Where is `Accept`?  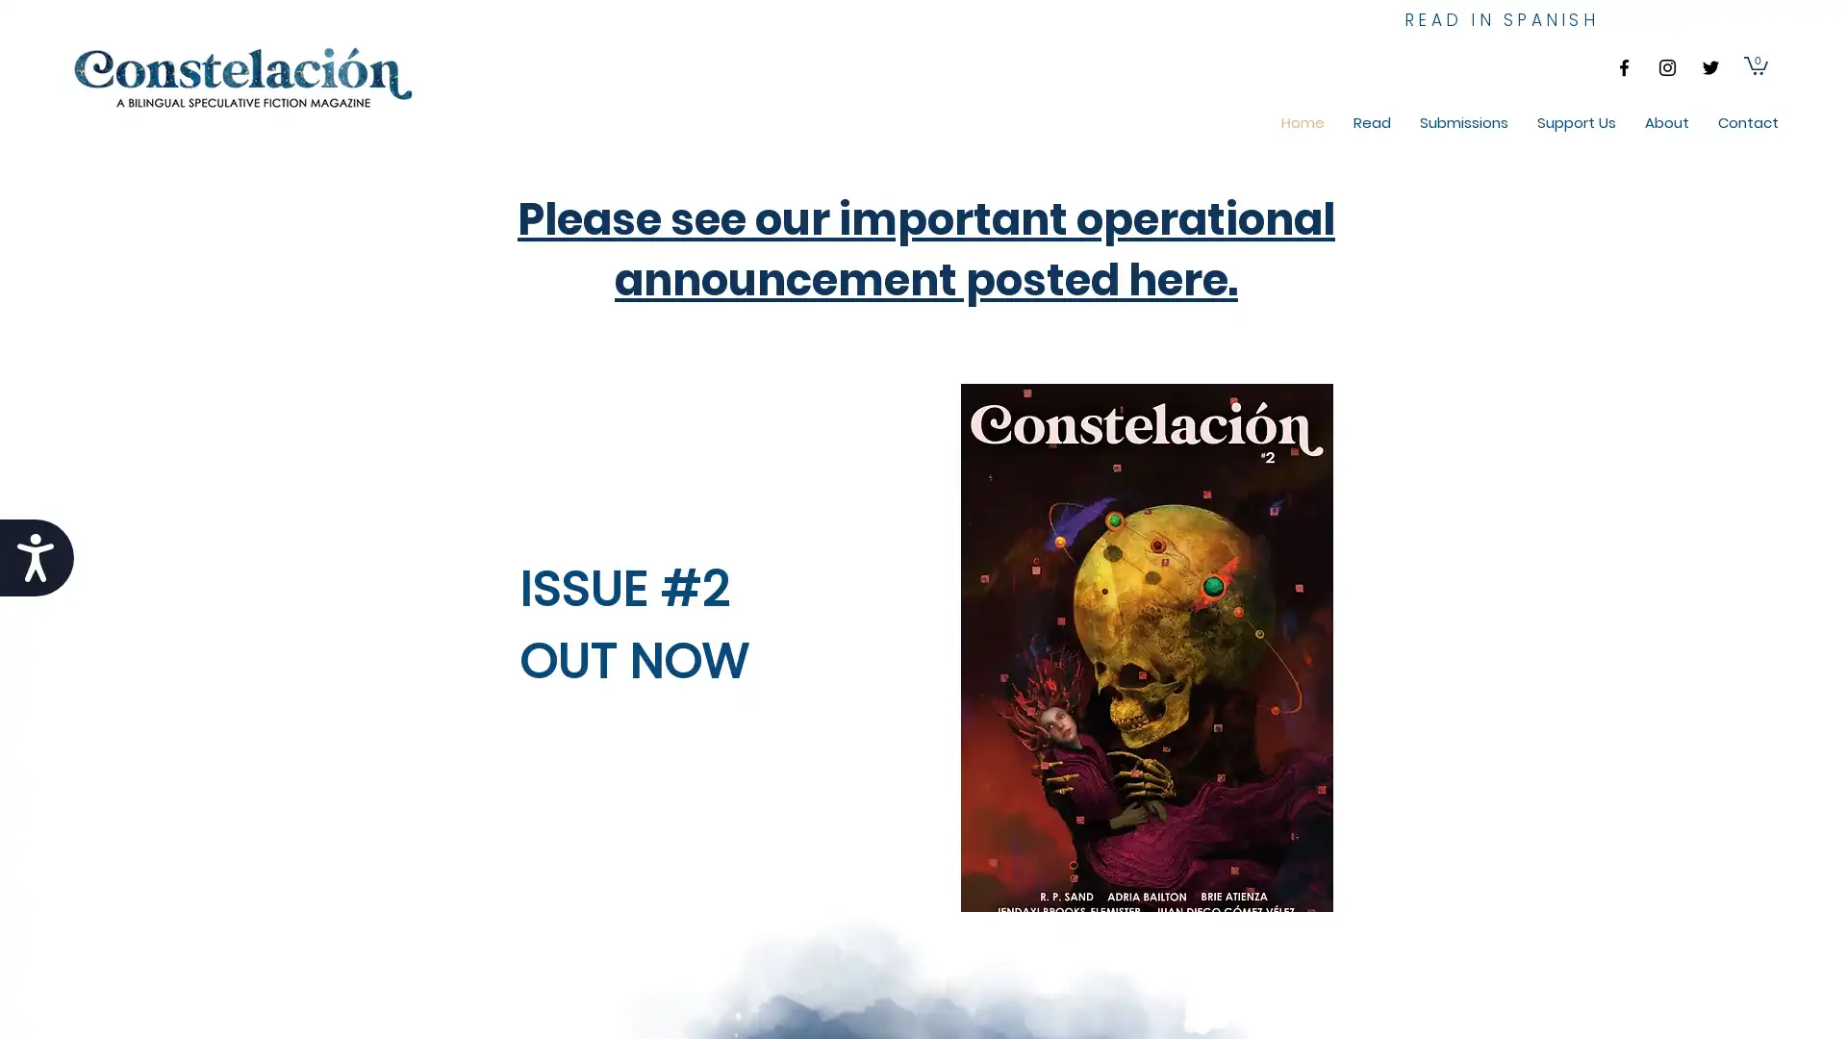
Accept is located at coordinates (1760, 1004).